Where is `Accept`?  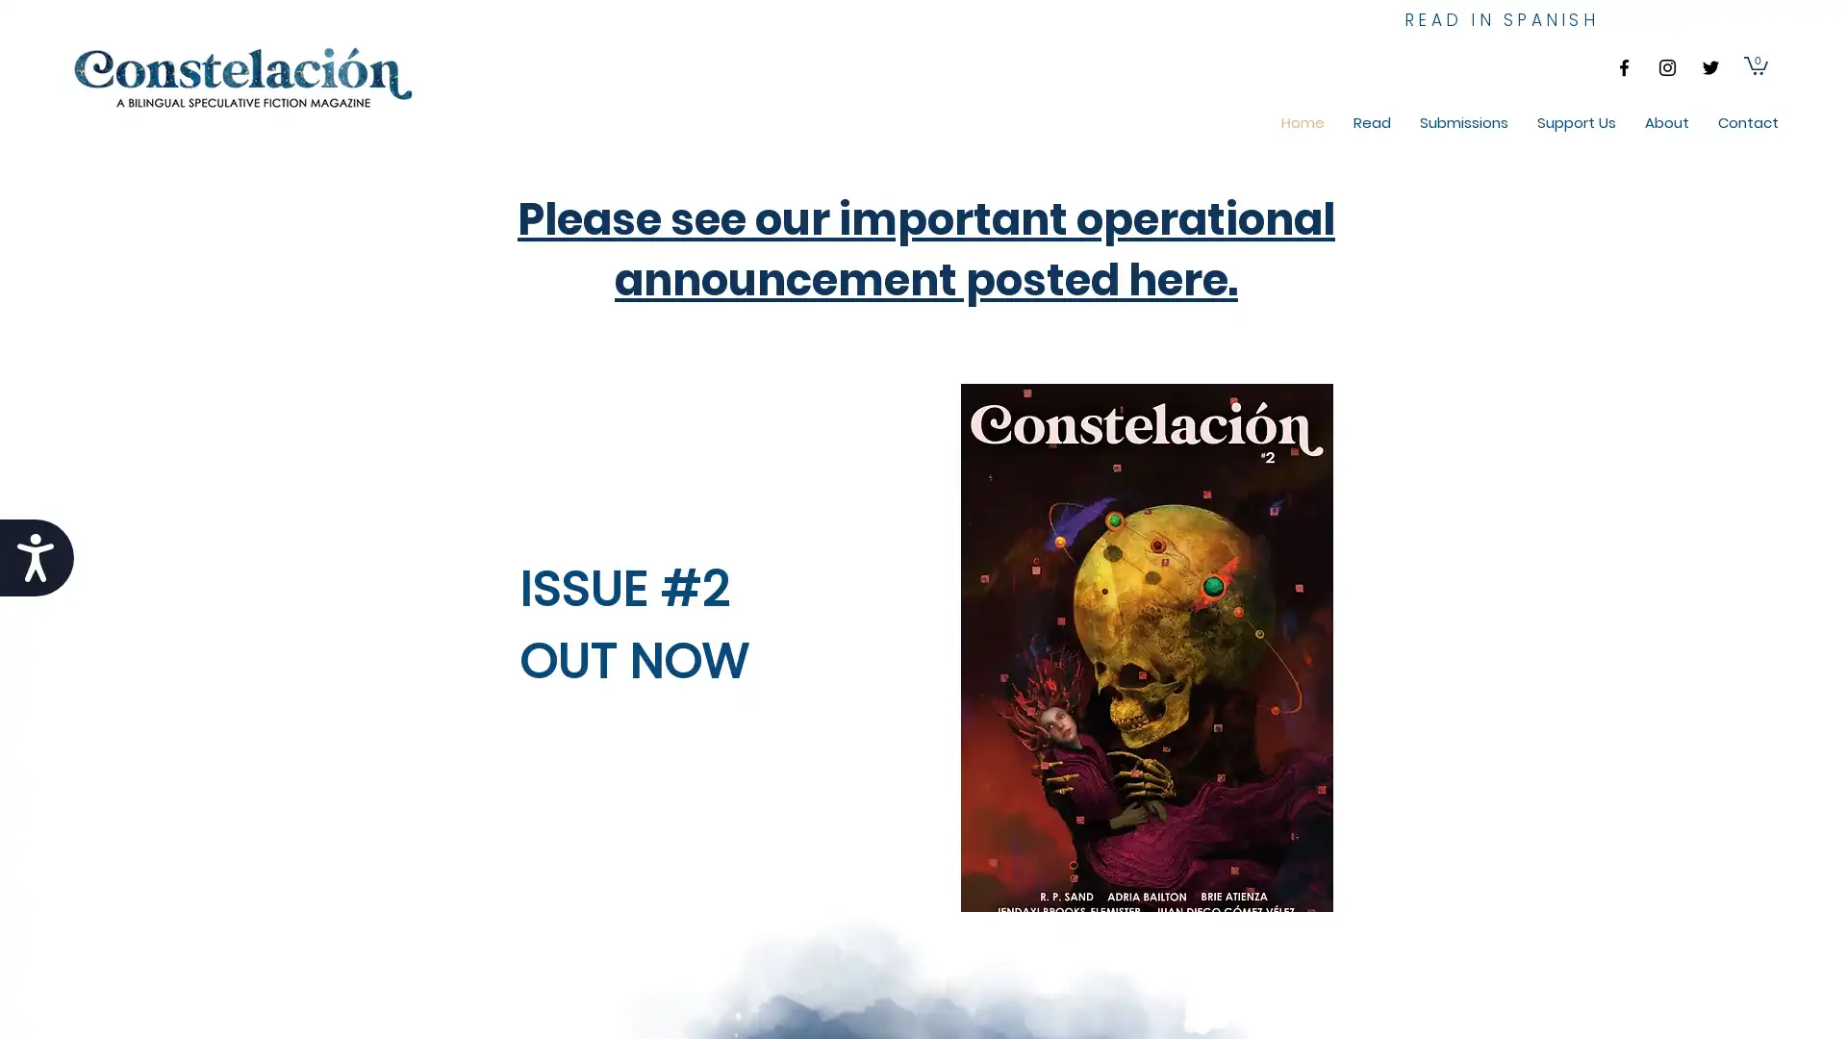
Accept is located at coordinates (1760, 1004).